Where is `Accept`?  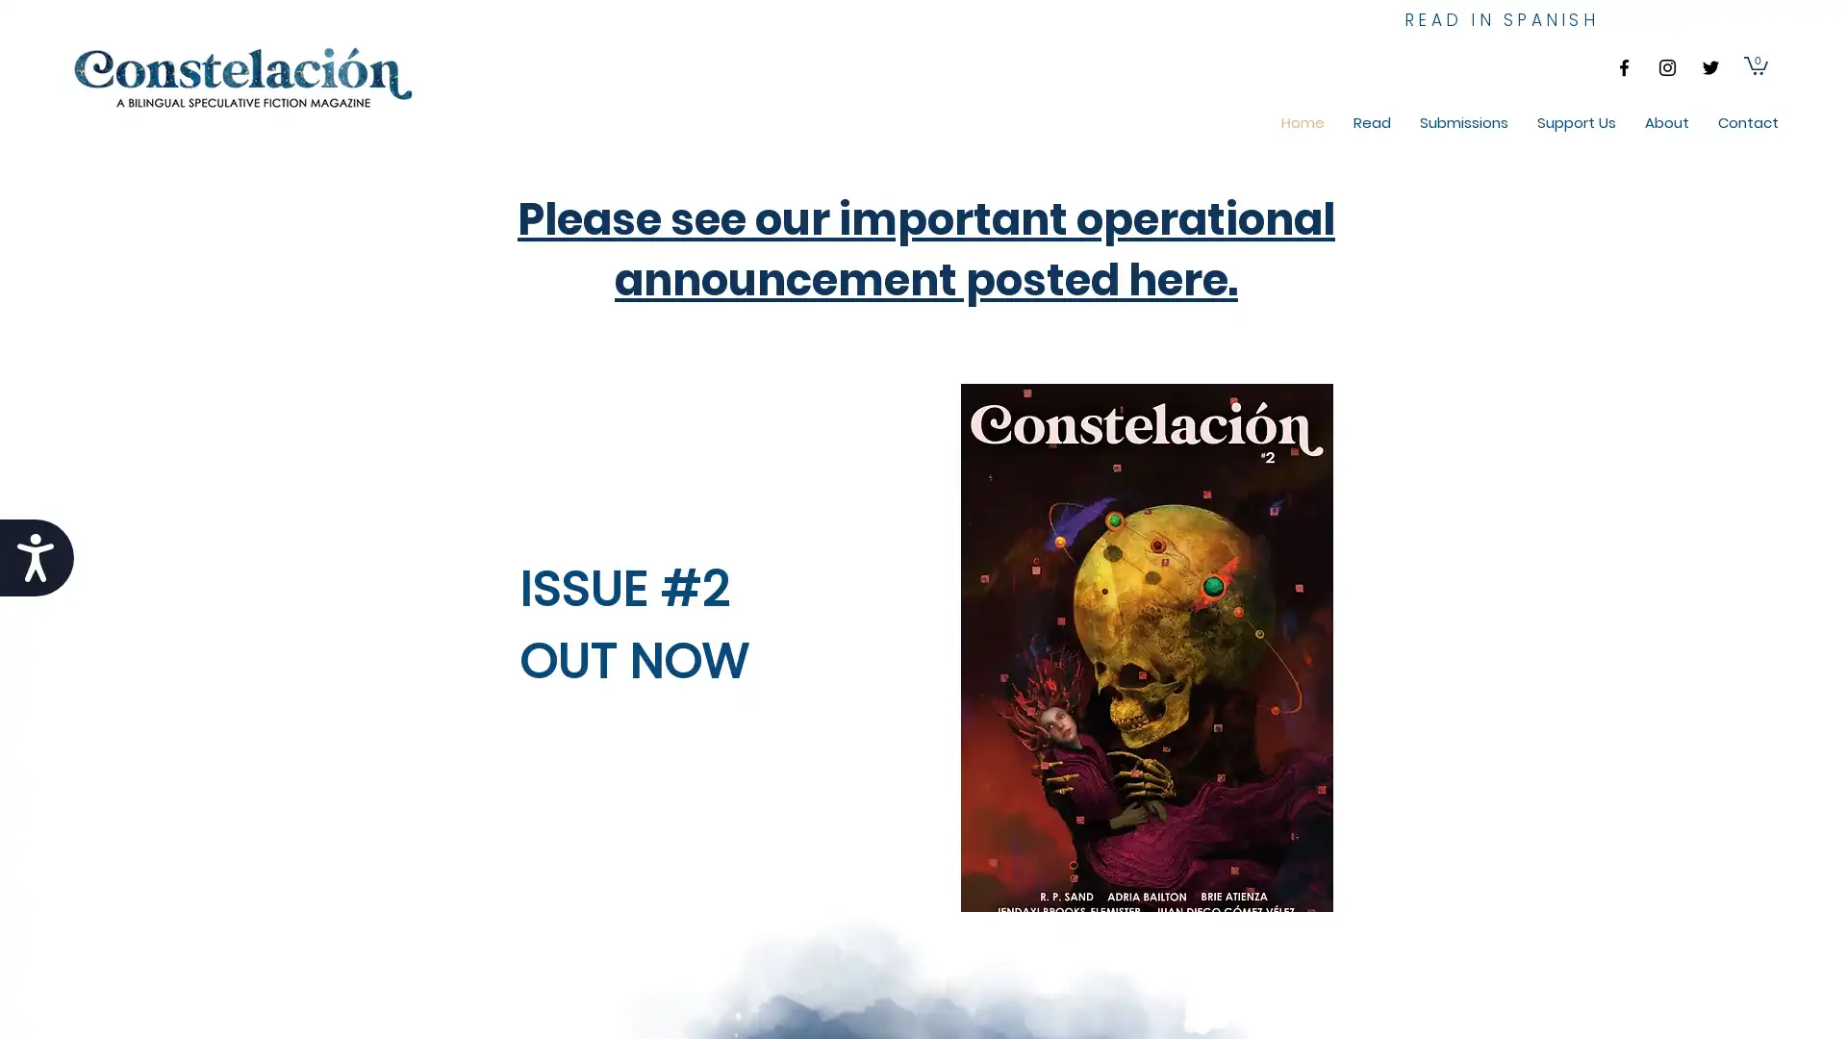
Accept is located at coordinates (1760, 1004).